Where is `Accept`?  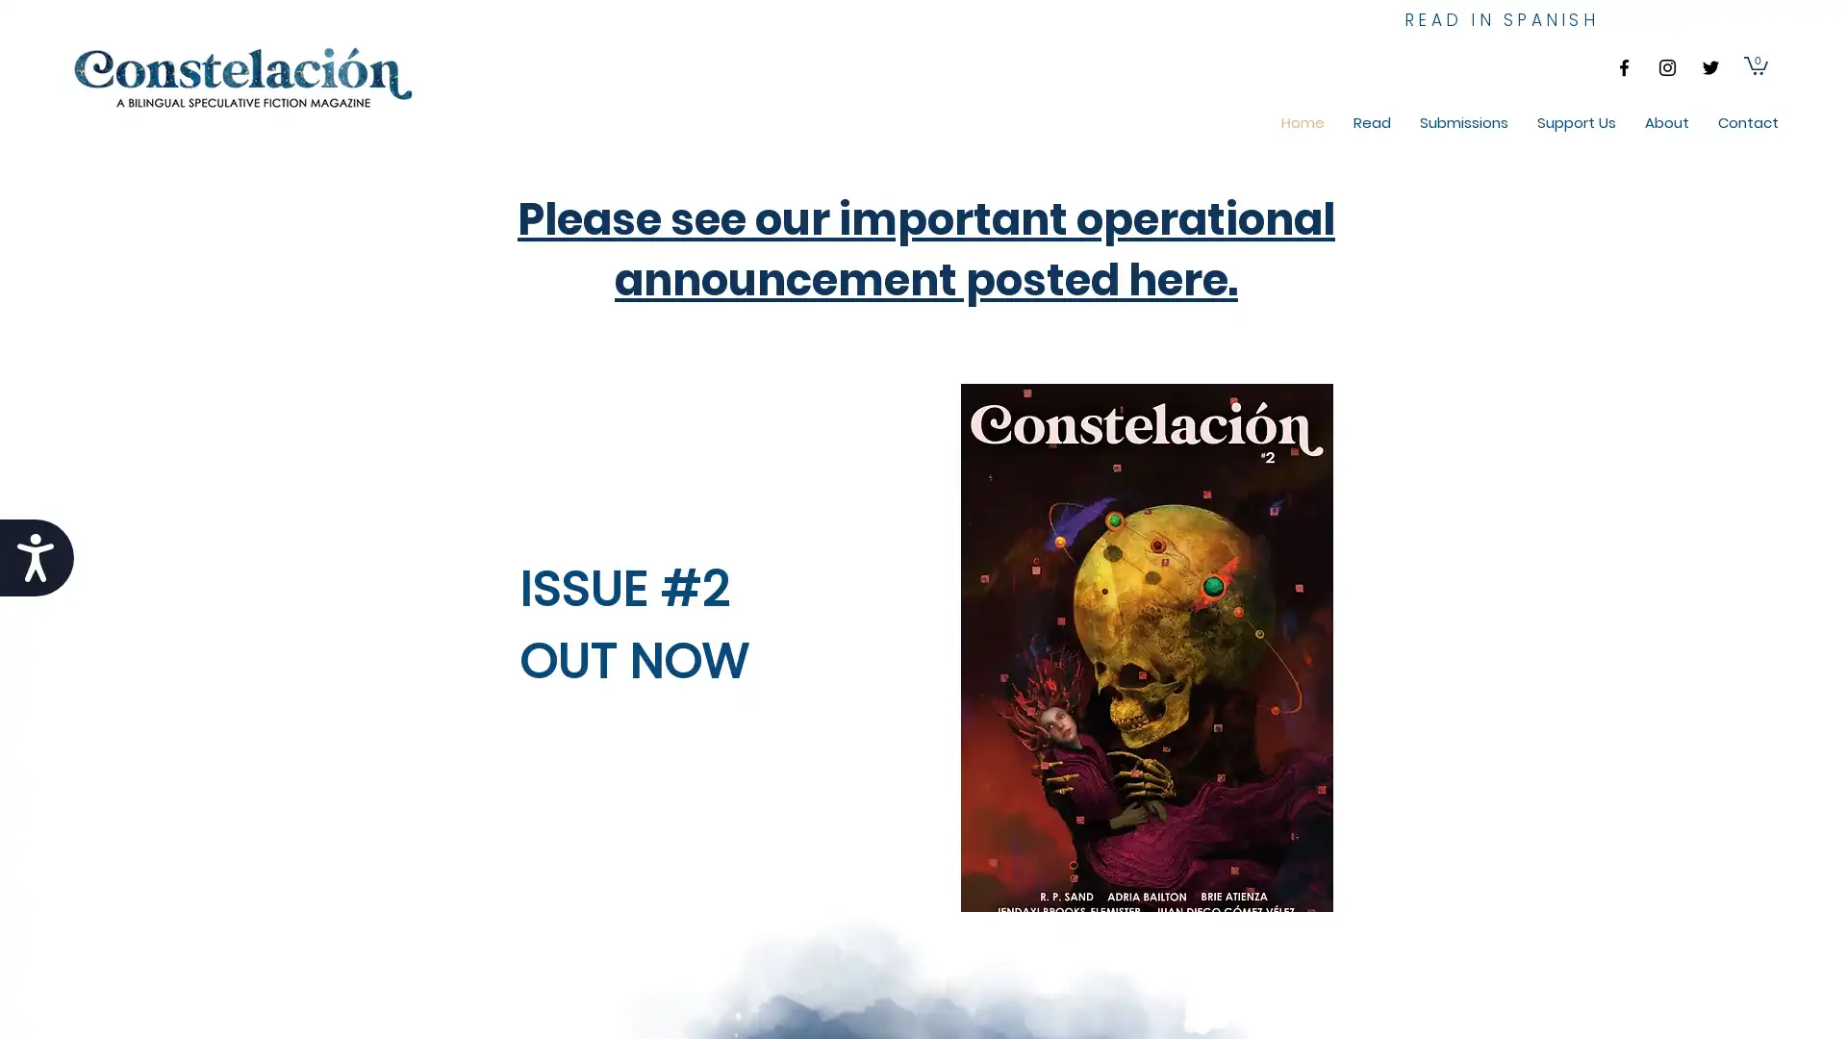
Accept is located at coordinates (1760, 1004).